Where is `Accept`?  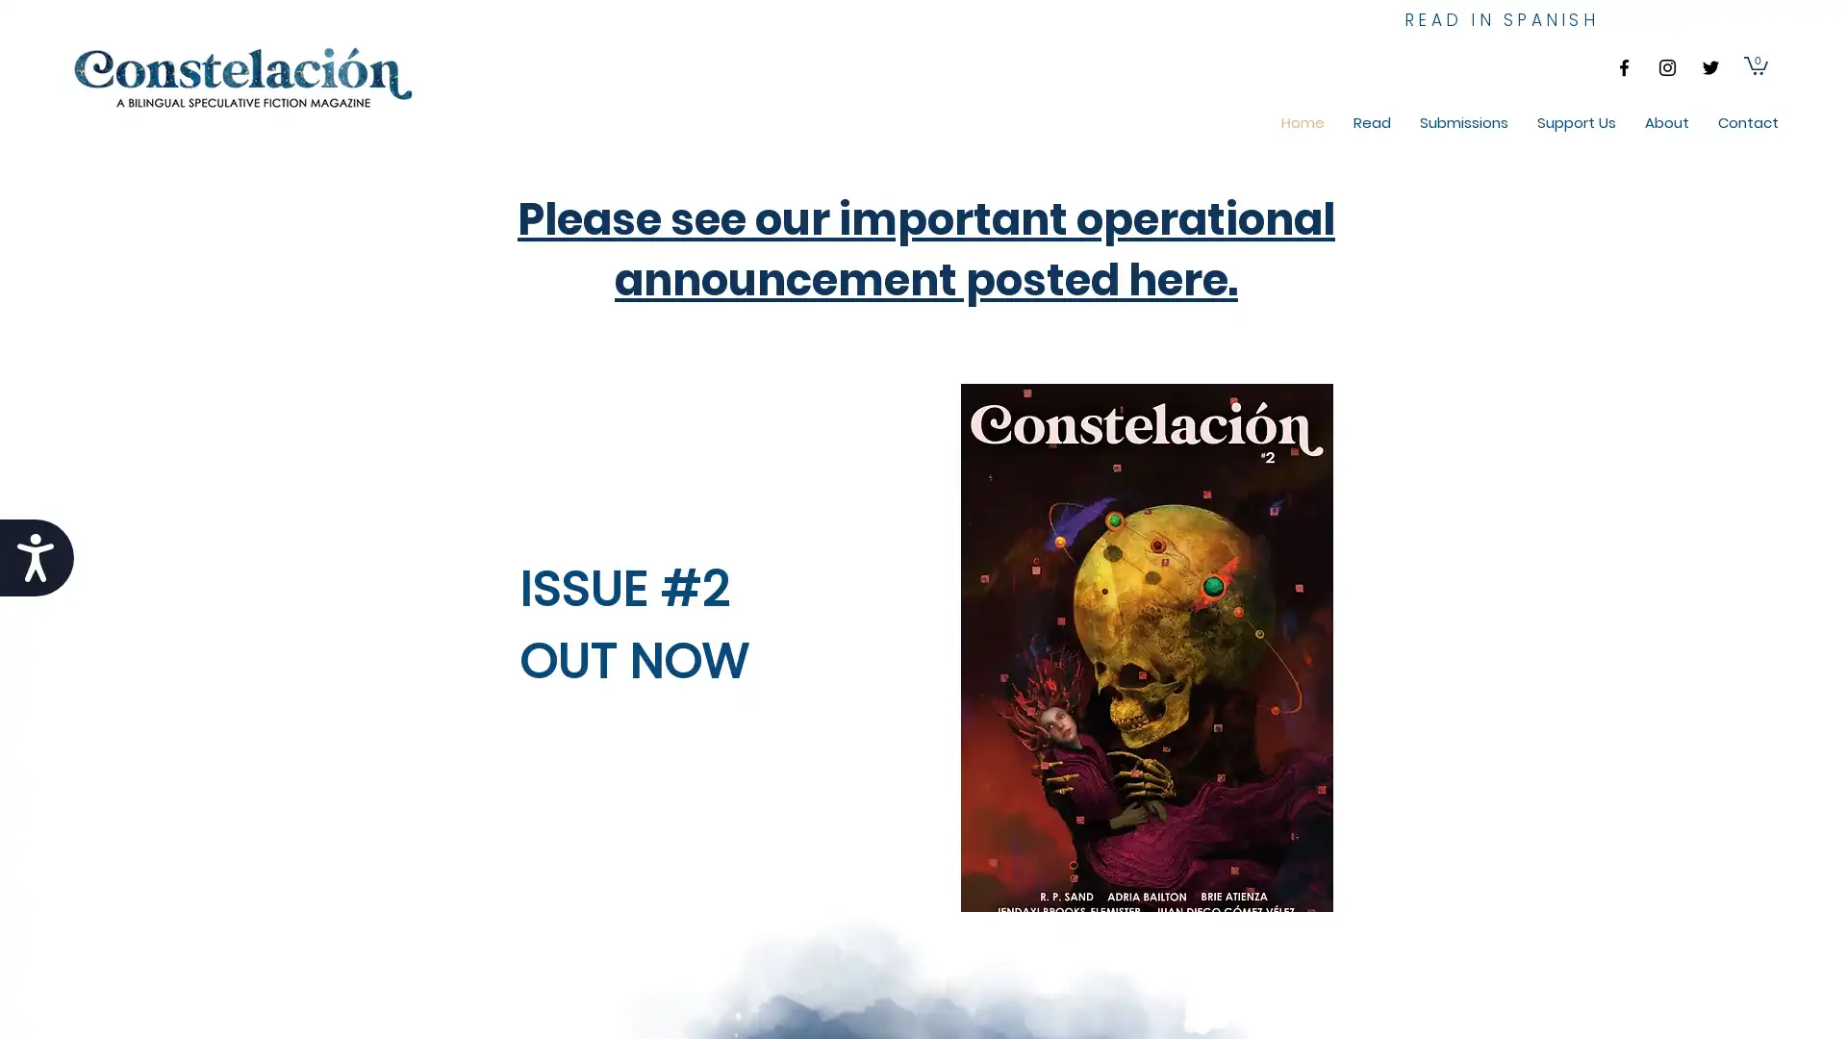
Accept is located at coordinates (1760, 1004).